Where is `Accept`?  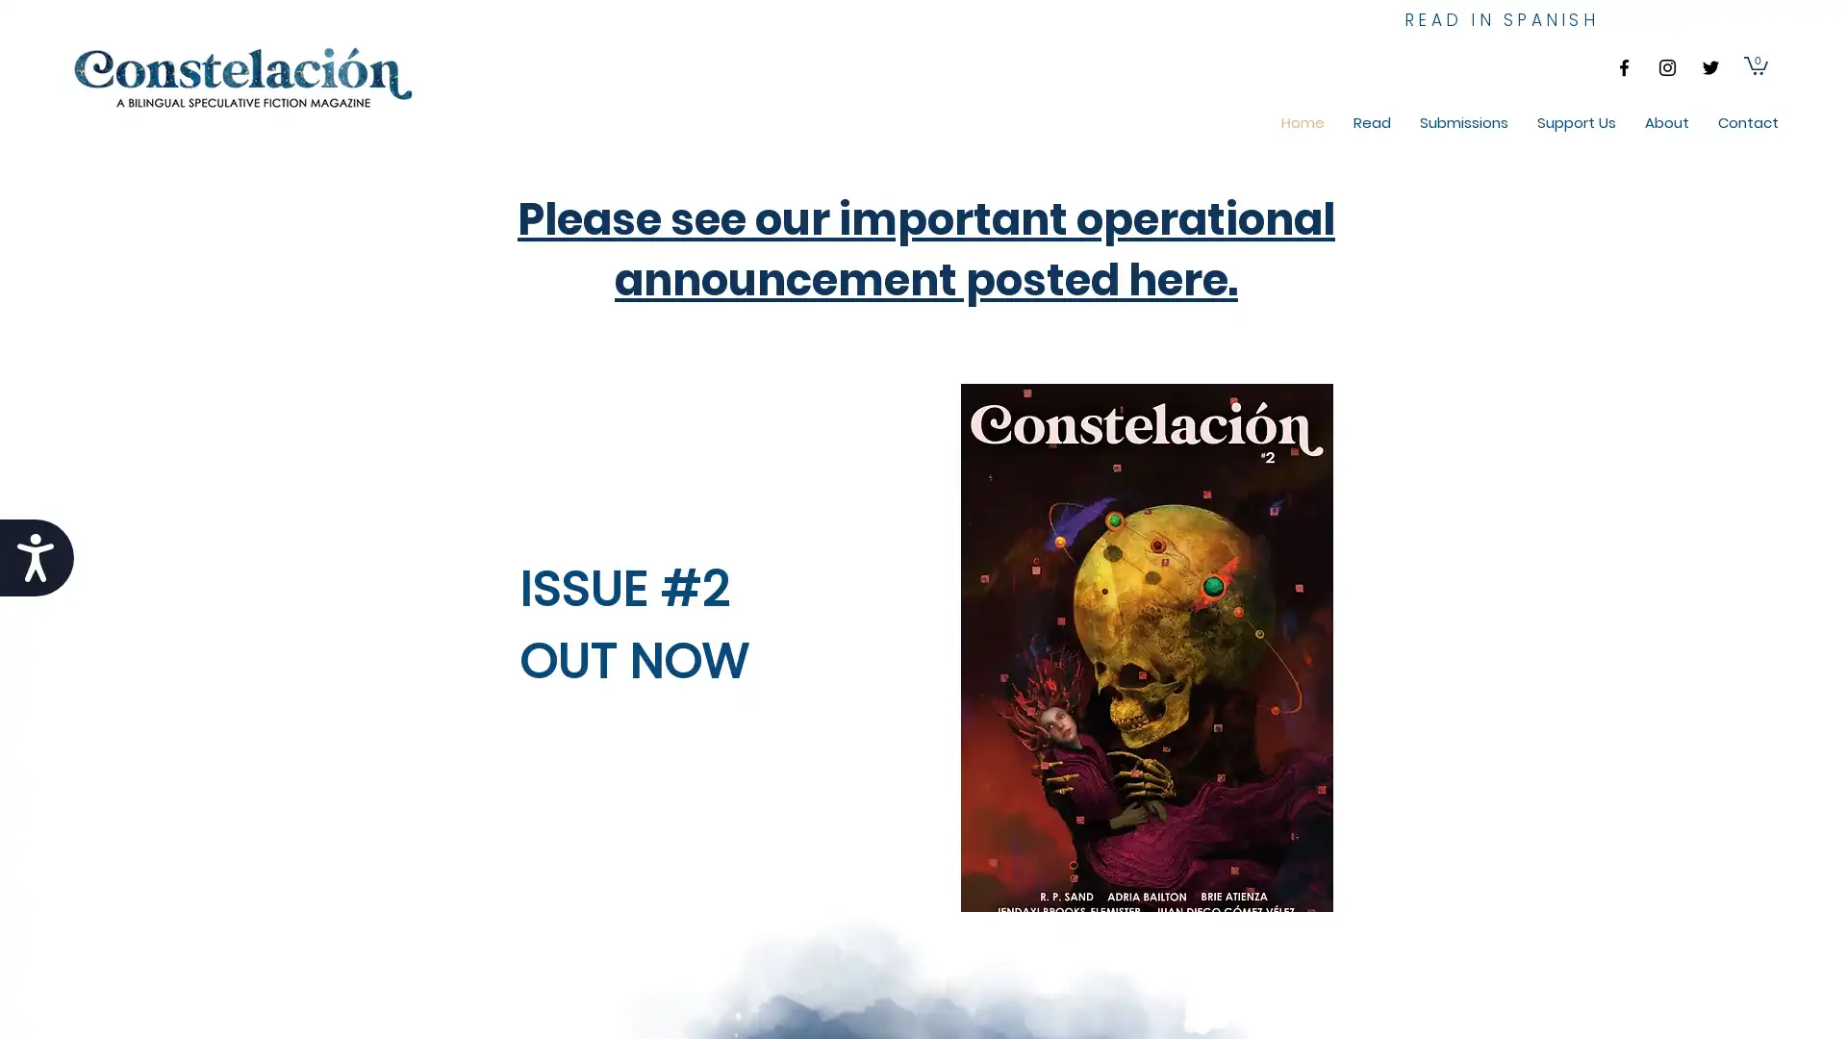
Accept is located at coordinates (1760, 1004).